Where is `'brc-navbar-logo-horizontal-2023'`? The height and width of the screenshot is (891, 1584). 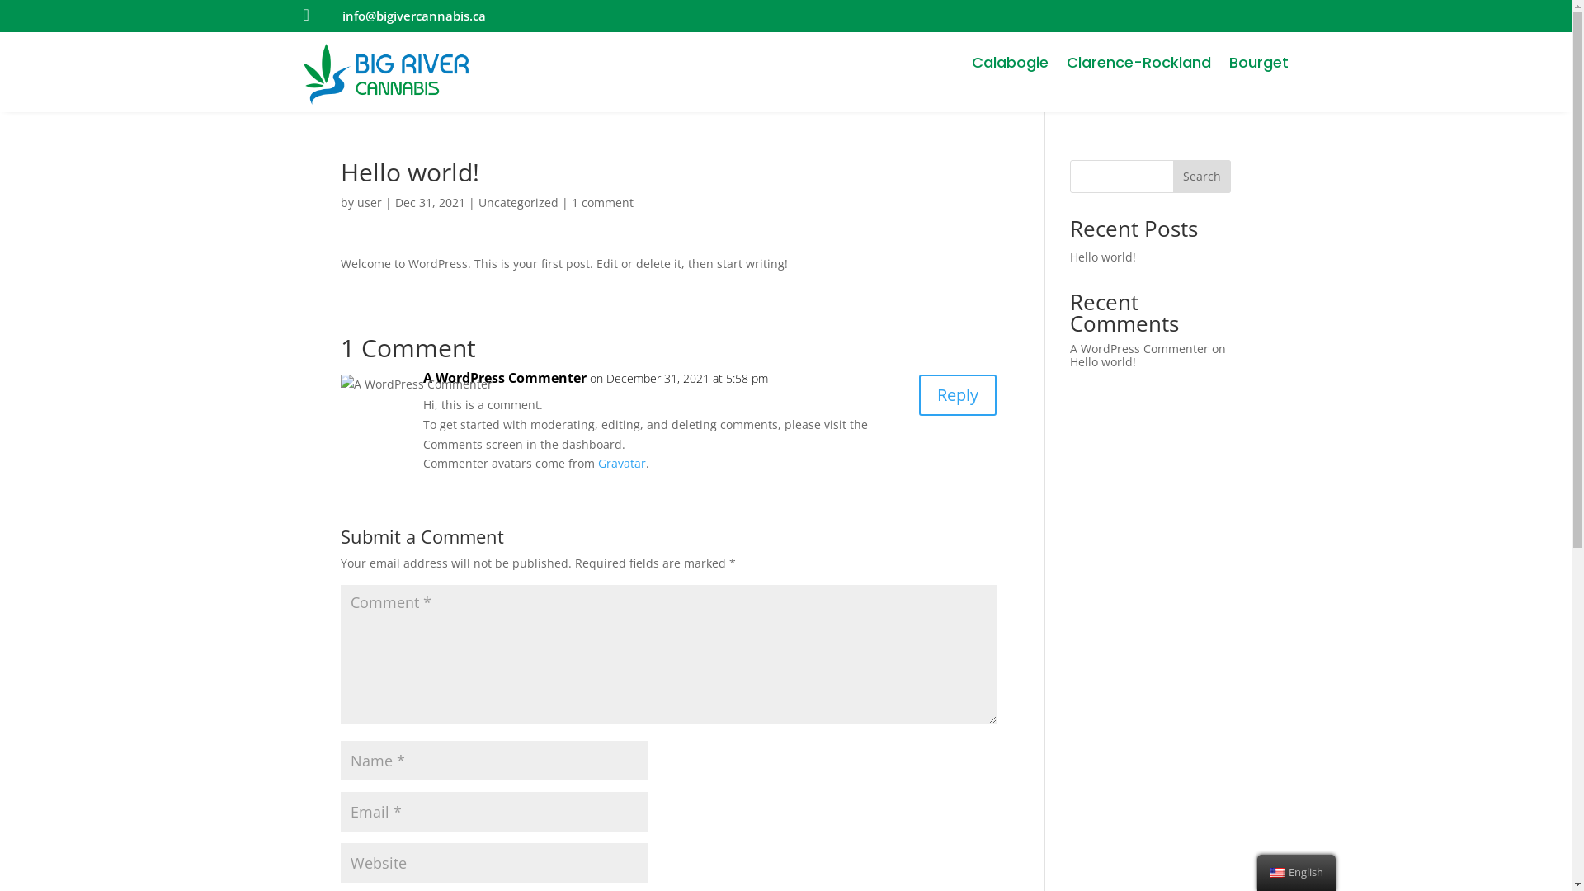 'brc-navbar-logo-horizontal-2023' is located at coordinates (385, 73).